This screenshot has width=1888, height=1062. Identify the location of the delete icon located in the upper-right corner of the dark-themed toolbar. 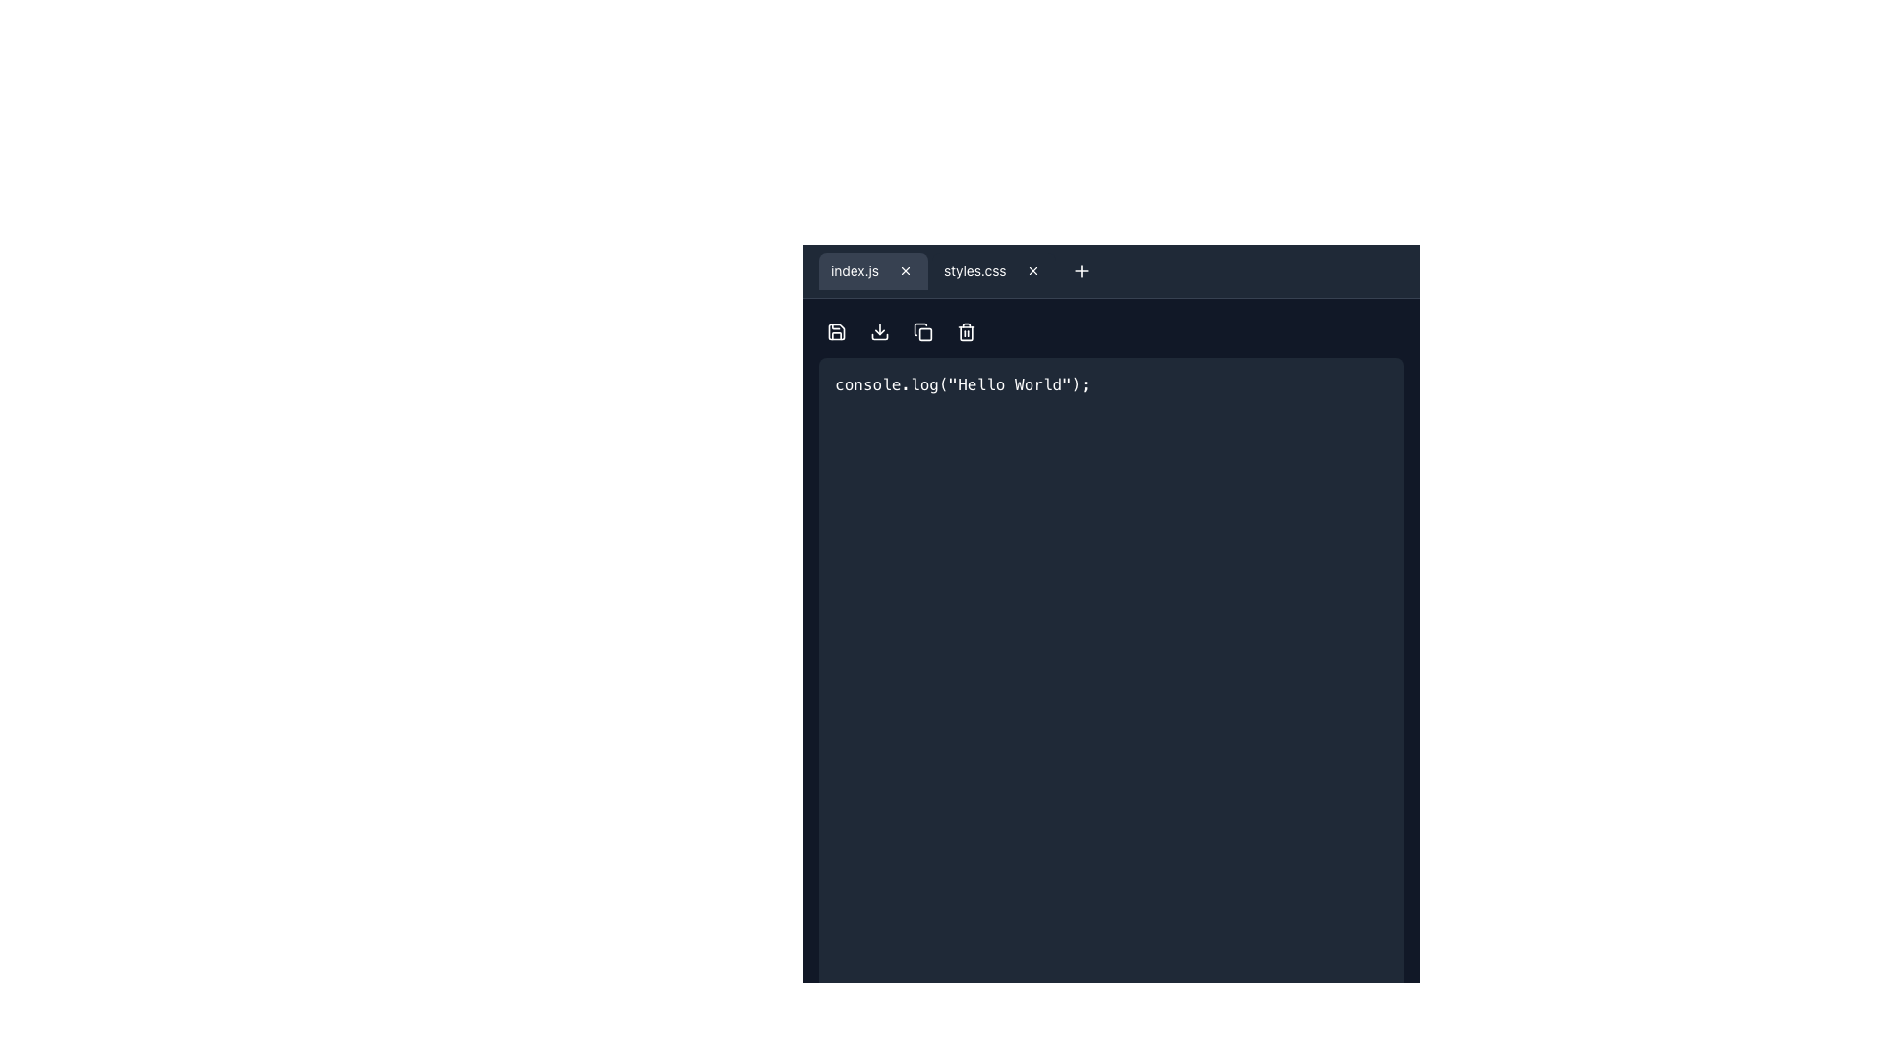
(967, 331).